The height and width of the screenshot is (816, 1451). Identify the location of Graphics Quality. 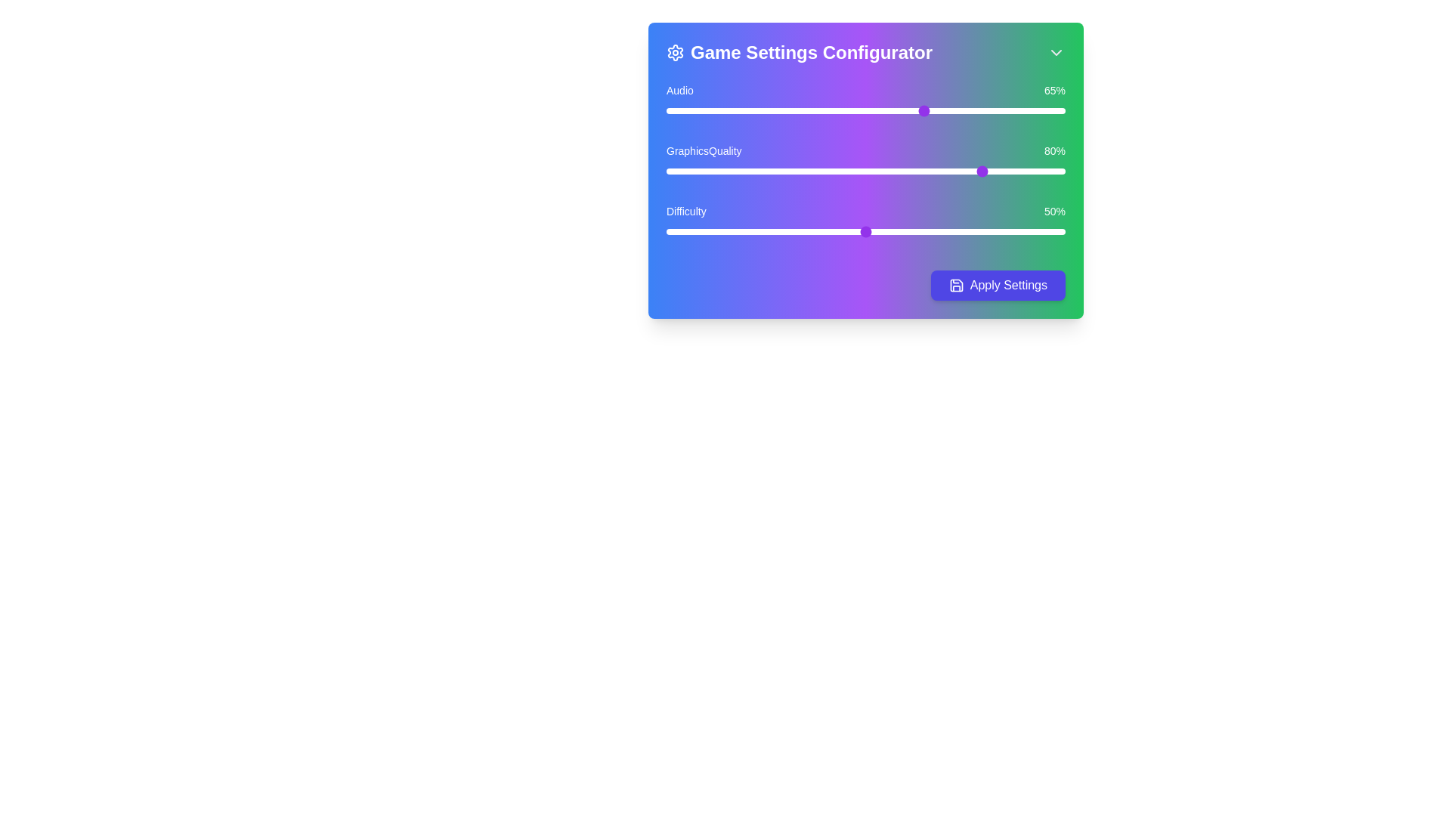
(929, 171).